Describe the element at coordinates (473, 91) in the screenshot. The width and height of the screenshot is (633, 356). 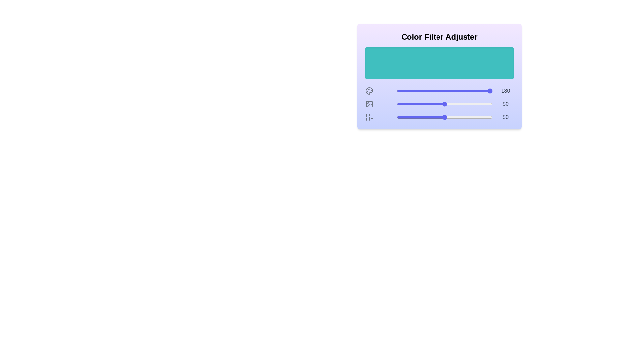
I see `the Hue slider to a value of 80` at that location.